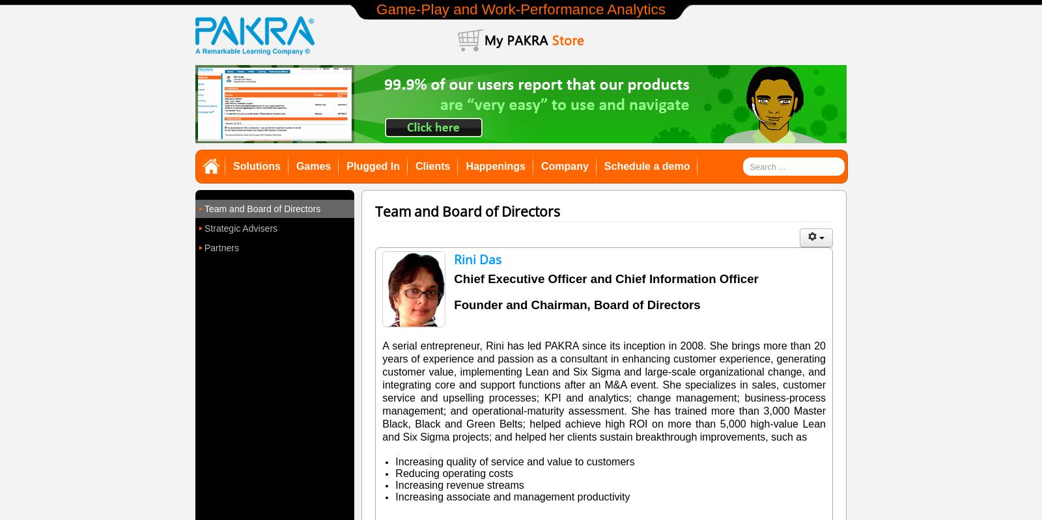  What do you see at coordinates (477, 259) in the screenshot?
I see `'Rini Das'` at bounding box center [477, 259].